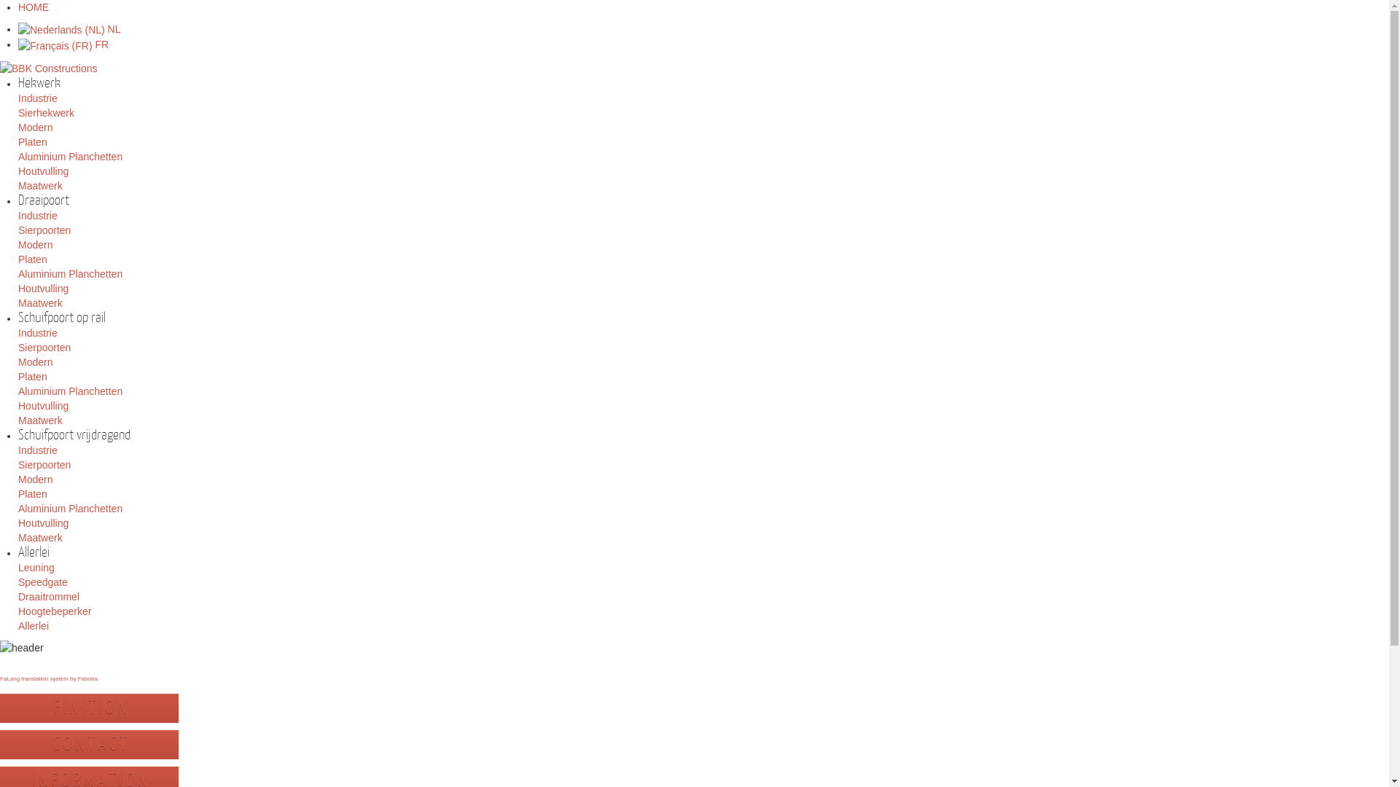  What do you see at coordinates (46, 111) in the screenshot?
I see `'Sierhekwerk'` at bounding box center [46, 111].